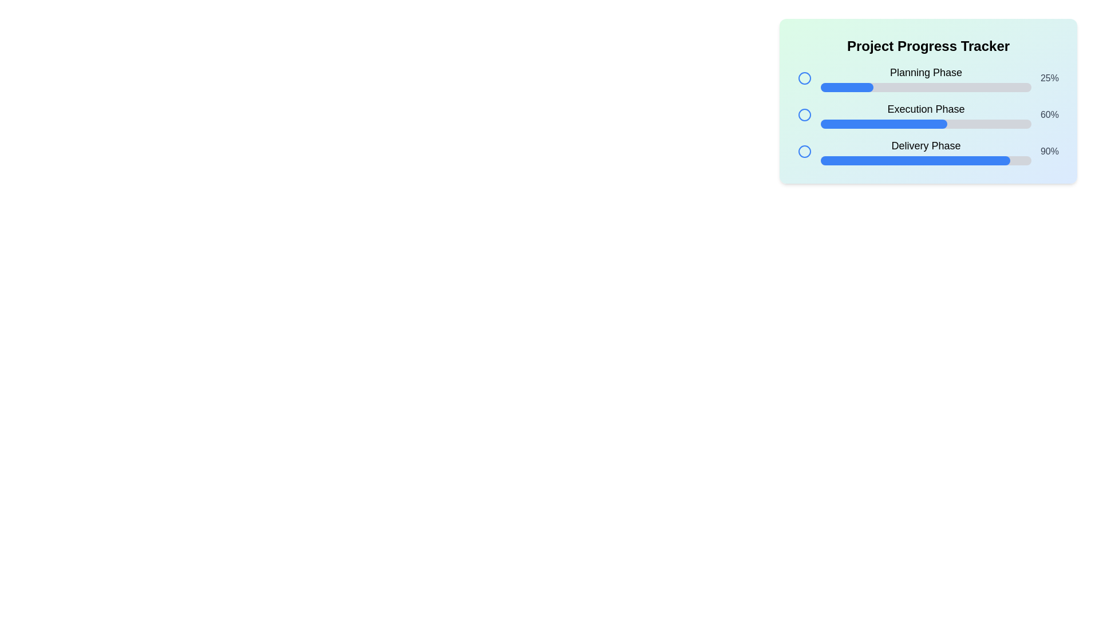 The height and width of the screenshot is (618, 1099). What do you see at coordinates (804, 114) in the screenshot?
I see `the unselected radio button indicating the 'Execution Phase' status in the project progress tracker` at bounding box center [804, 114].